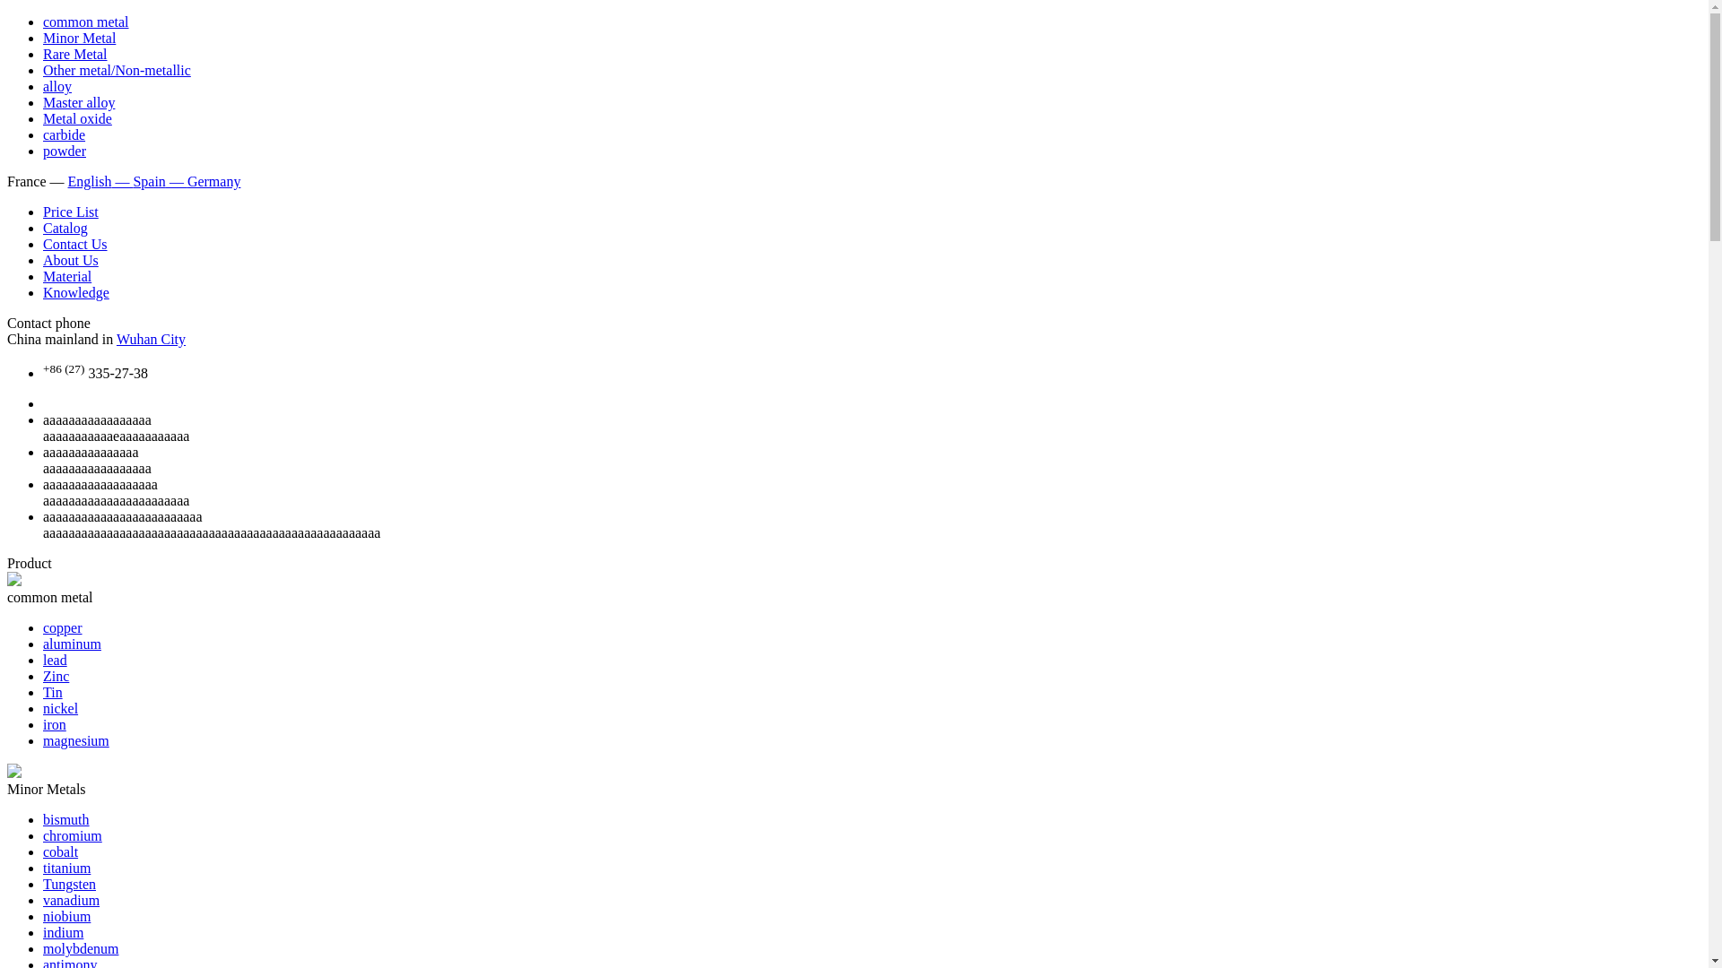 The height and width of the screenshot is (968, 1722). I want to click on 'molybdenum', so click(80, 947).